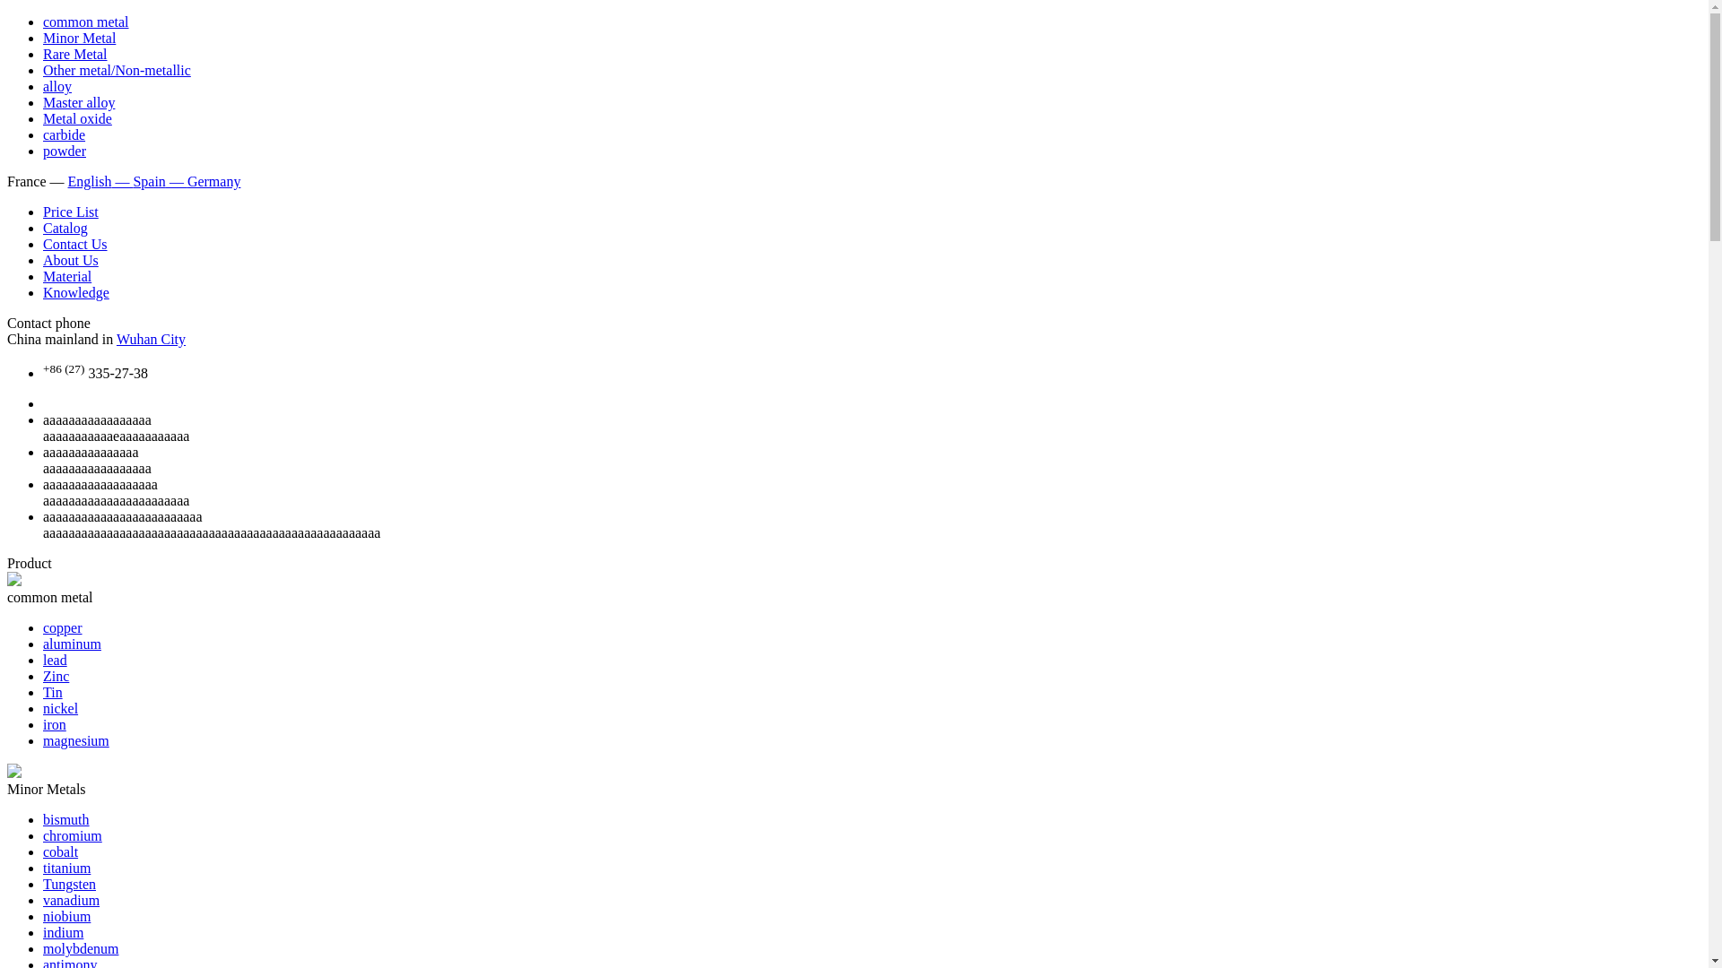 The height and width of the screenshot is (968, 1722). I want to click on 'molybdenum', so click(80, 947).